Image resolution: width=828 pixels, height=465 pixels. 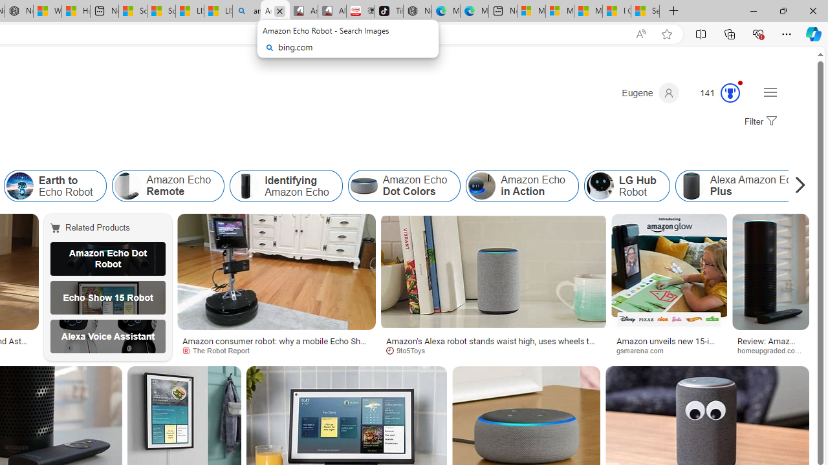 I want to click on 'LG Hub Robot', so click(x=626, y=186).